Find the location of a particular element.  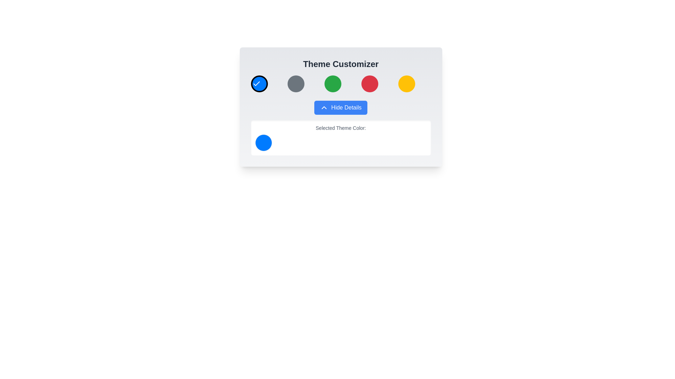

the 'Hide Details' button, which has a blue background and white text, using keyboard inputs is located at coordinates (341, 108).